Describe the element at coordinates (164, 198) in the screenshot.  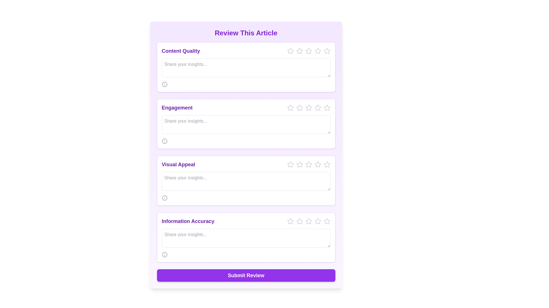
I see `the informational tooltip trigger icon located in the 'Visual Appeal' section, just below the text input field` at that location.